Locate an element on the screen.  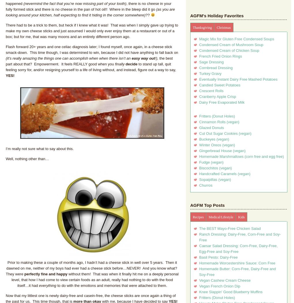
'Gingerbread House (vegan)' is located at coordinates (199, 150).